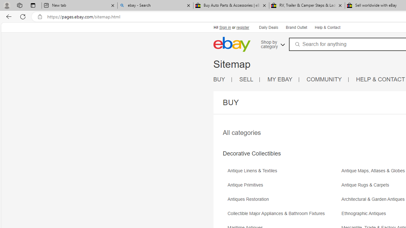 The image size is (406, 228). Describe the element at coordinates (268, 27) in the screenshot. I see `'Daily Deals'` at that location.